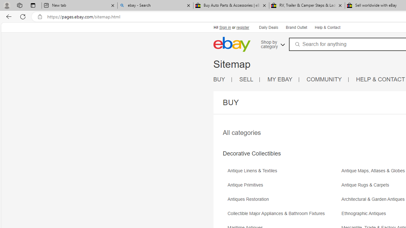 The image size is (406, 228). Describe the element at coordinates (268, 27) in the screenshot. I see `'Daily Deals'` at that location.